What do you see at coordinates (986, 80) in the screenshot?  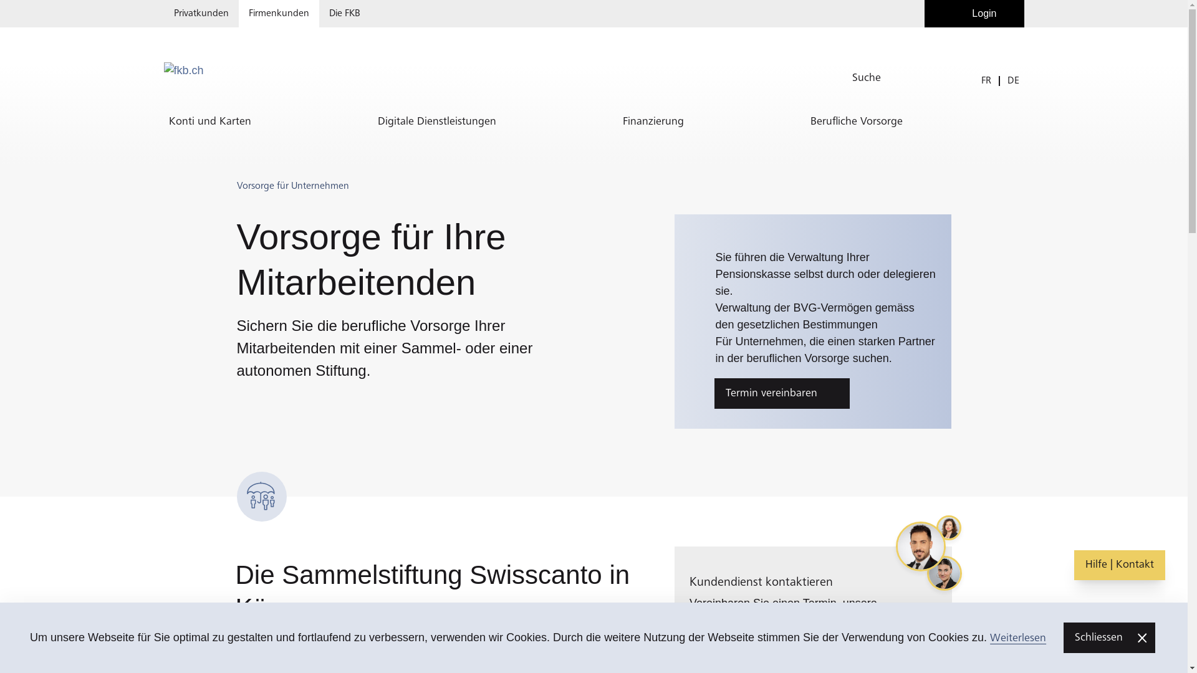 I see `'FR'` at bounding box center [986, 80].